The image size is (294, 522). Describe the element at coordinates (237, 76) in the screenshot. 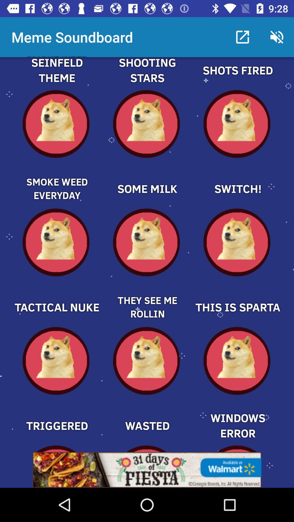

I see `sound of shots fired` at that location.